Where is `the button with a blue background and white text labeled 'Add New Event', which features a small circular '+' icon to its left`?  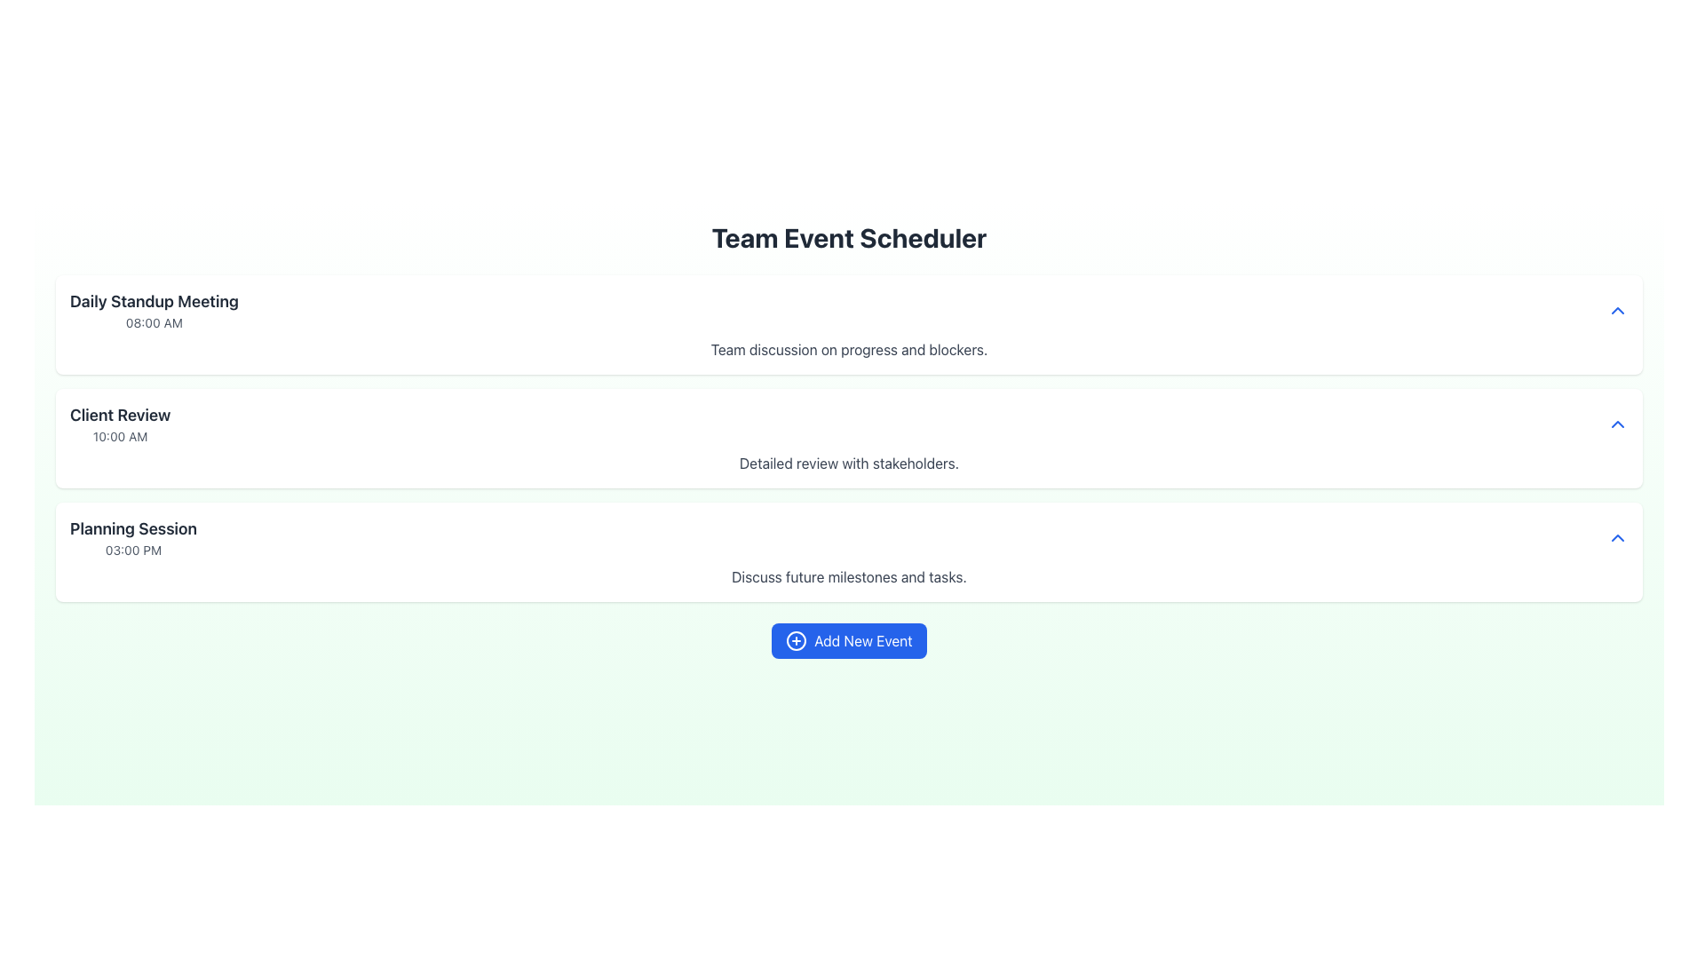
the button with a blue background and white text labeled 'Add New Event', which features a small circular '+' icon to its left is located at coordinates (848, 640).